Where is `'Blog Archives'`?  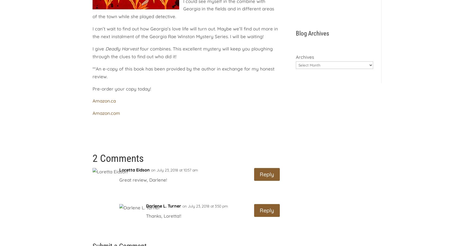 'Blog Archives' is located at coordinates (312, 33).